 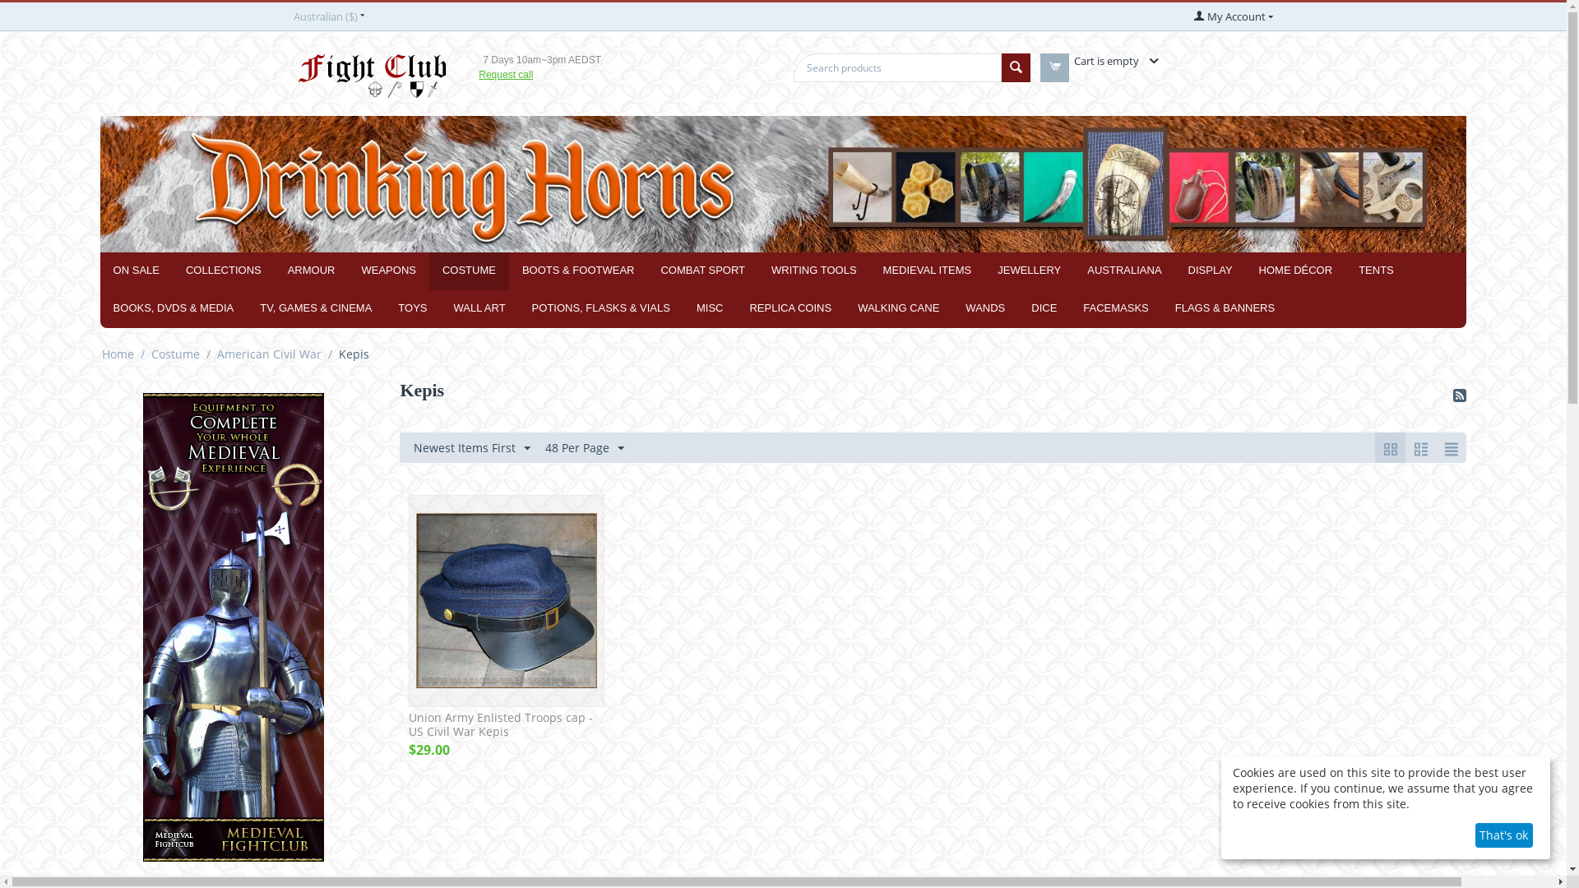 What do you see at coordinates (327, 16) in the screenshot?
I see `'Australian ($)'` at bounding box center [327, 16].